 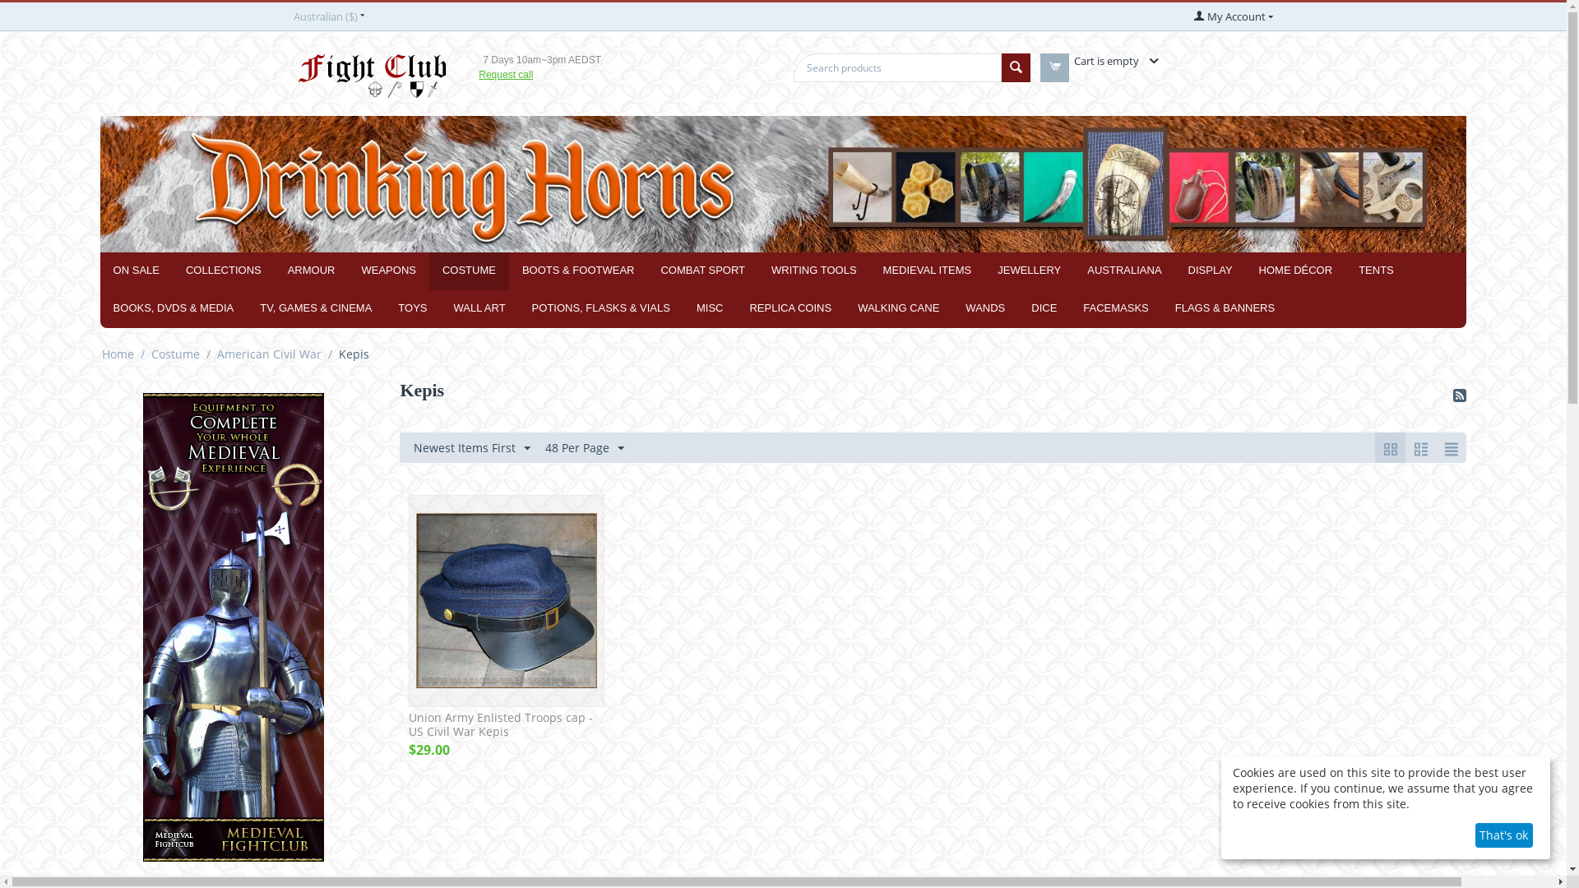 What do you see at coordinates (327, 16) in the screenshot?
I see `'Australian ($)'` at bounding box center [327, 16].